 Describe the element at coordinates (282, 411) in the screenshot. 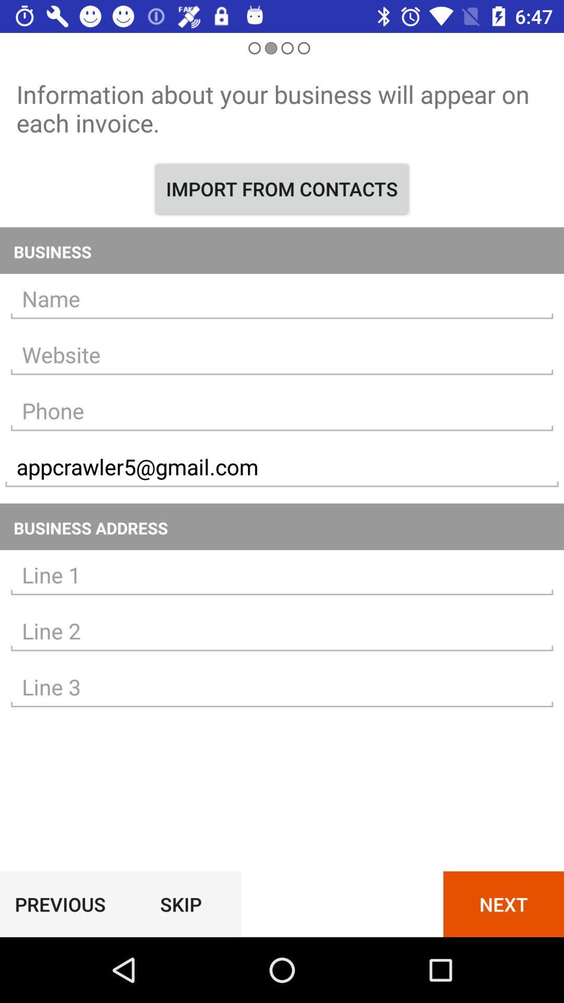

I see `this label phone no option` at that location.